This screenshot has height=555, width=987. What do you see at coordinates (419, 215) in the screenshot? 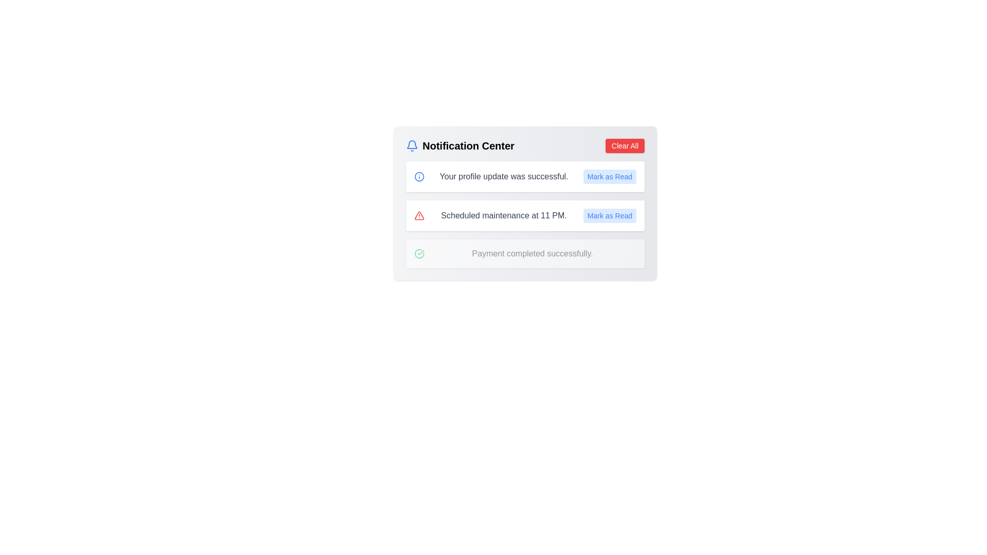
I see `the alert icon located to the left of the 'Scheduled maintenance at 11 PM' notification in the second entry of the notification list` at bounding box center [419, 215].